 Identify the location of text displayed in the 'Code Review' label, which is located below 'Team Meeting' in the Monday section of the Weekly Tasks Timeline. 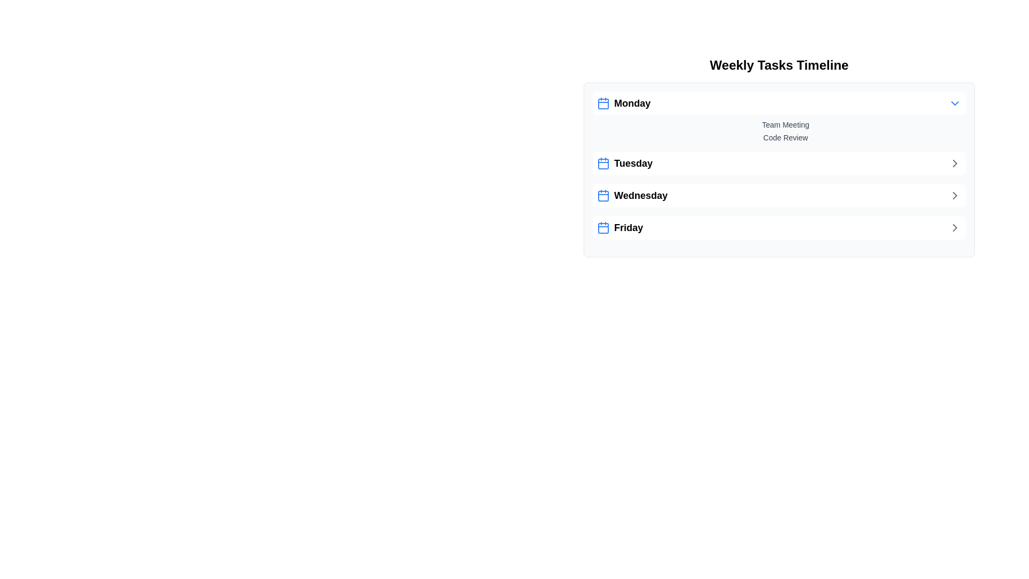
(785, 137).